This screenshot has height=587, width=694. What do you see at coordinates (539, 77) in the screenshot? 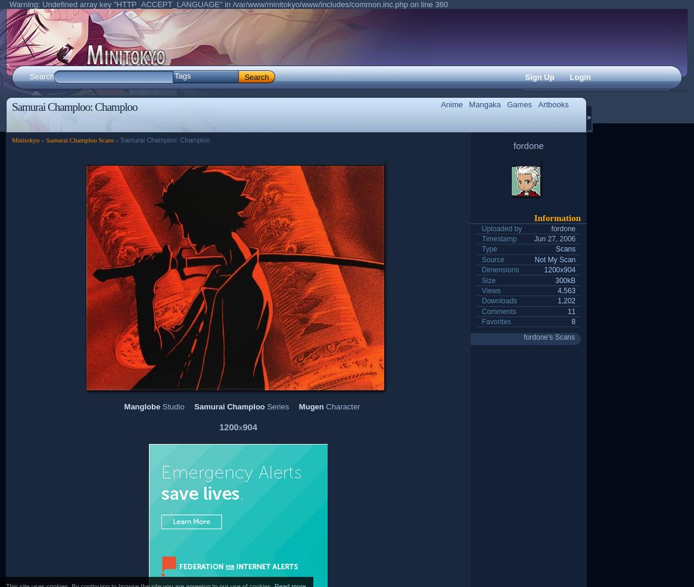
I see `'Sign Up'` at bounding box center [539, 77].